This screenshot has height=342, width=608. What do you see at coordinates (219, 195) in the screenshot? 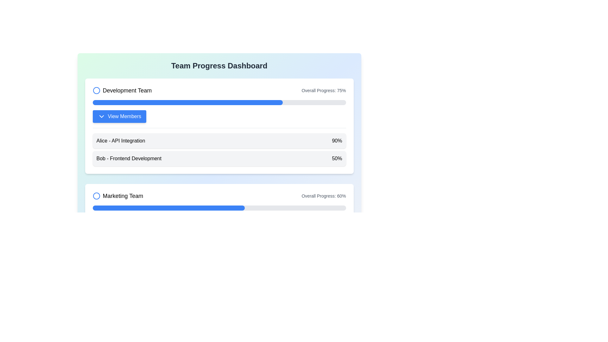
I see `the Informational block that displays the current progress of the 'Marketing Team' in the 'Team Progress Dashboard' beneath the 'Development Team' section` at bounding box center [219, 195].